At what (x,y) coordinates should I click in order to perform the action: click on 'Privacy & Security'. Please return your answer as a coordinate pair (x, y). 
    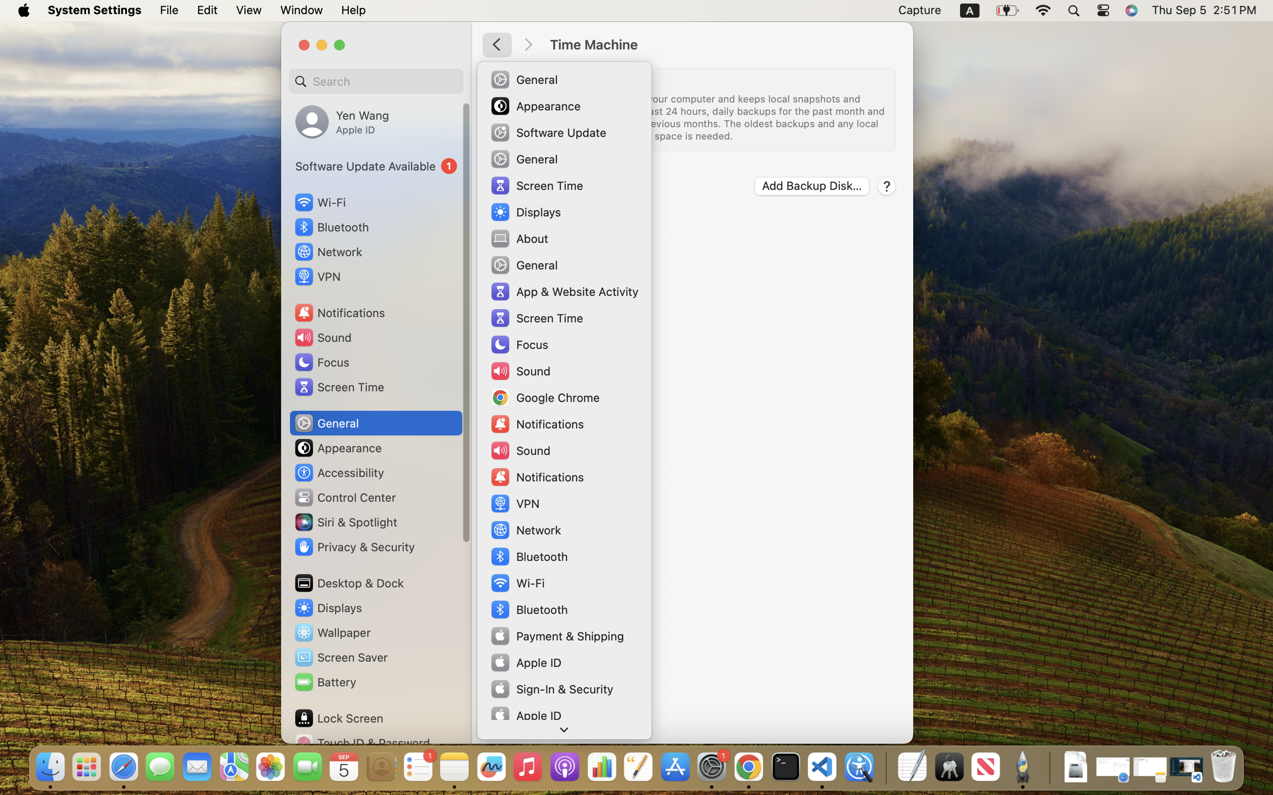
    Looking at the image, I should click on (353, 546).